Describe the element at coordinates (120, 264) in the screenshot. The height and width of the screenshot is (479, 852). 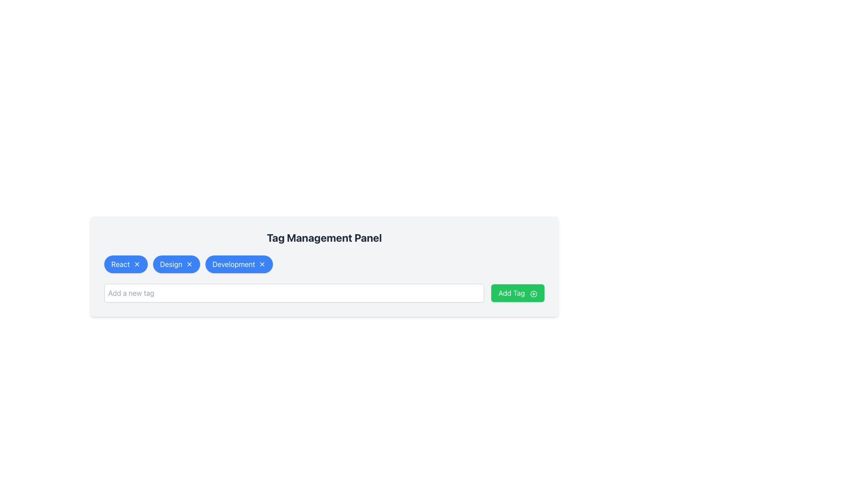
I see `the leftmost static text within a button-like tag located in the top-left of the tags section` at that location.